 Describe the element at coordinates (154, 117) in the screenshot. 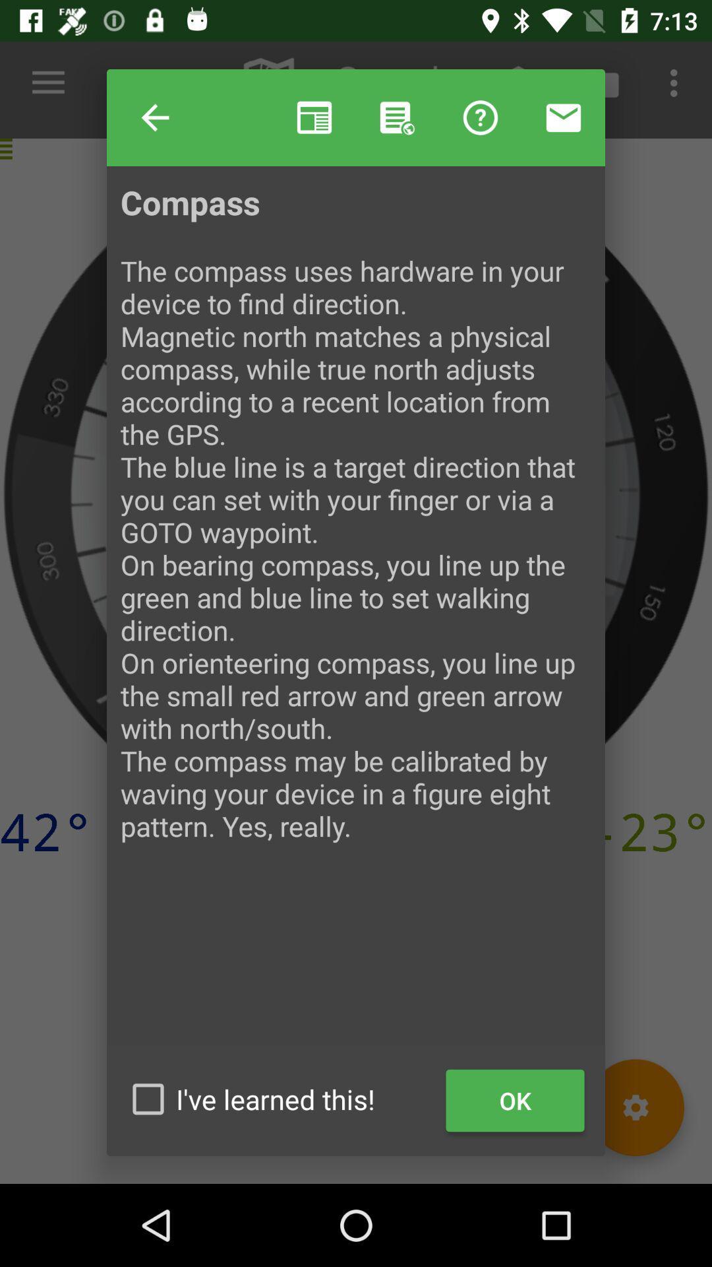

I see `the item to the left of help` at that location.